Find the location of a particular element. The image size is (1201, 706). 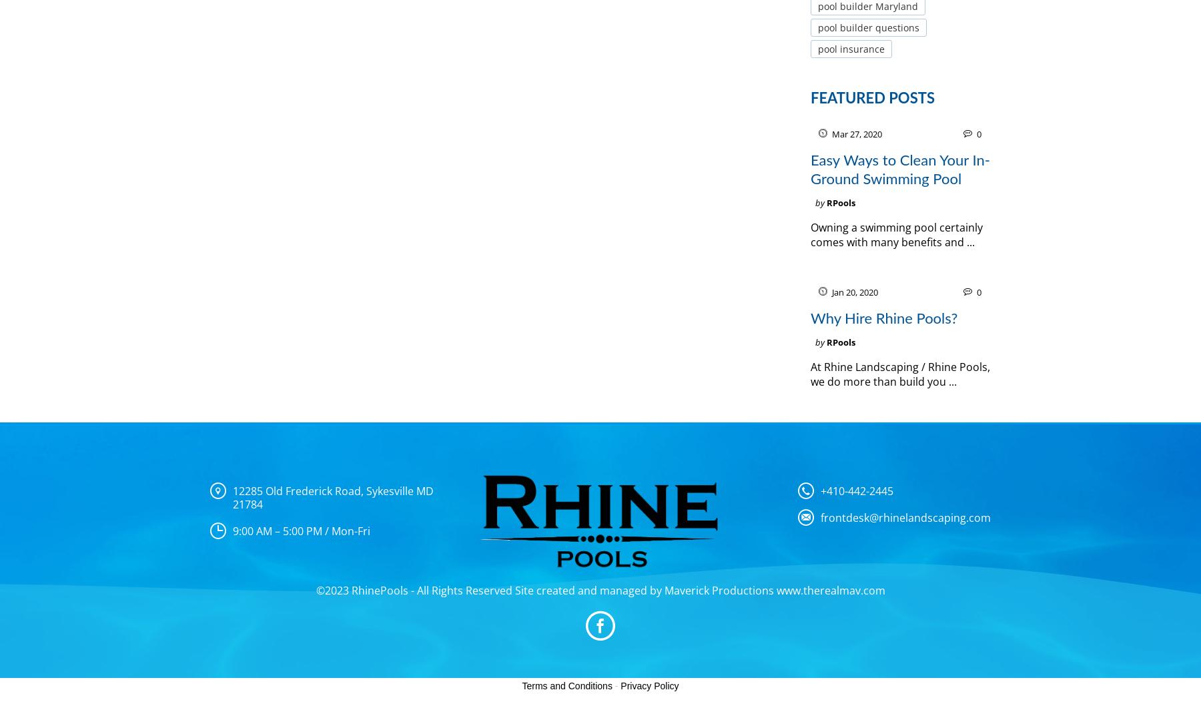

'pool insurance' is located at coordinates (851, 49).